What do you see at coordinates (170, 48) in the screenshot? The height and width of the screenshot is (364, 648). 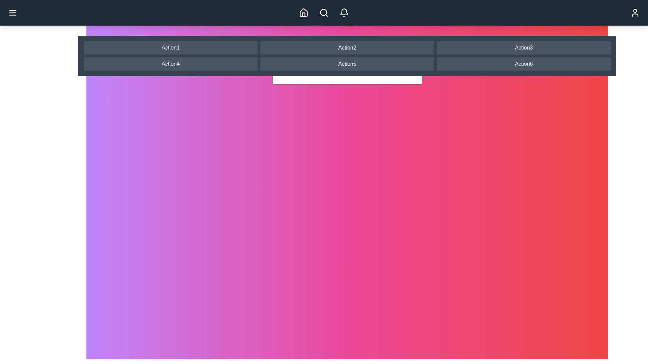 I see `the navigation button labeled Action1` at bounding box center [170, 48].